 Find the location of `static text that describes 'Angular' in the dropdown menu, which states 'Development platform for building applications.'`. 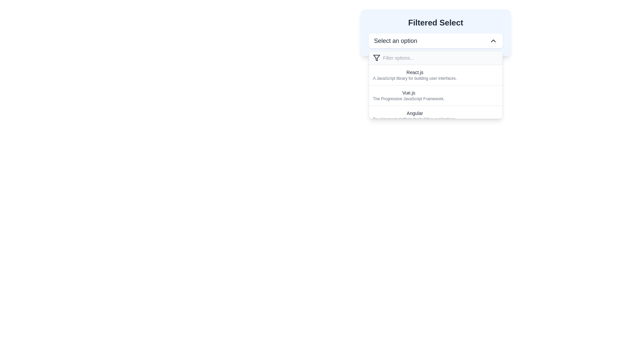

static text that describes 'Angular' in the dropdown menu, which states 'Development platform for building applications.' is located at coordinates (414, 119).